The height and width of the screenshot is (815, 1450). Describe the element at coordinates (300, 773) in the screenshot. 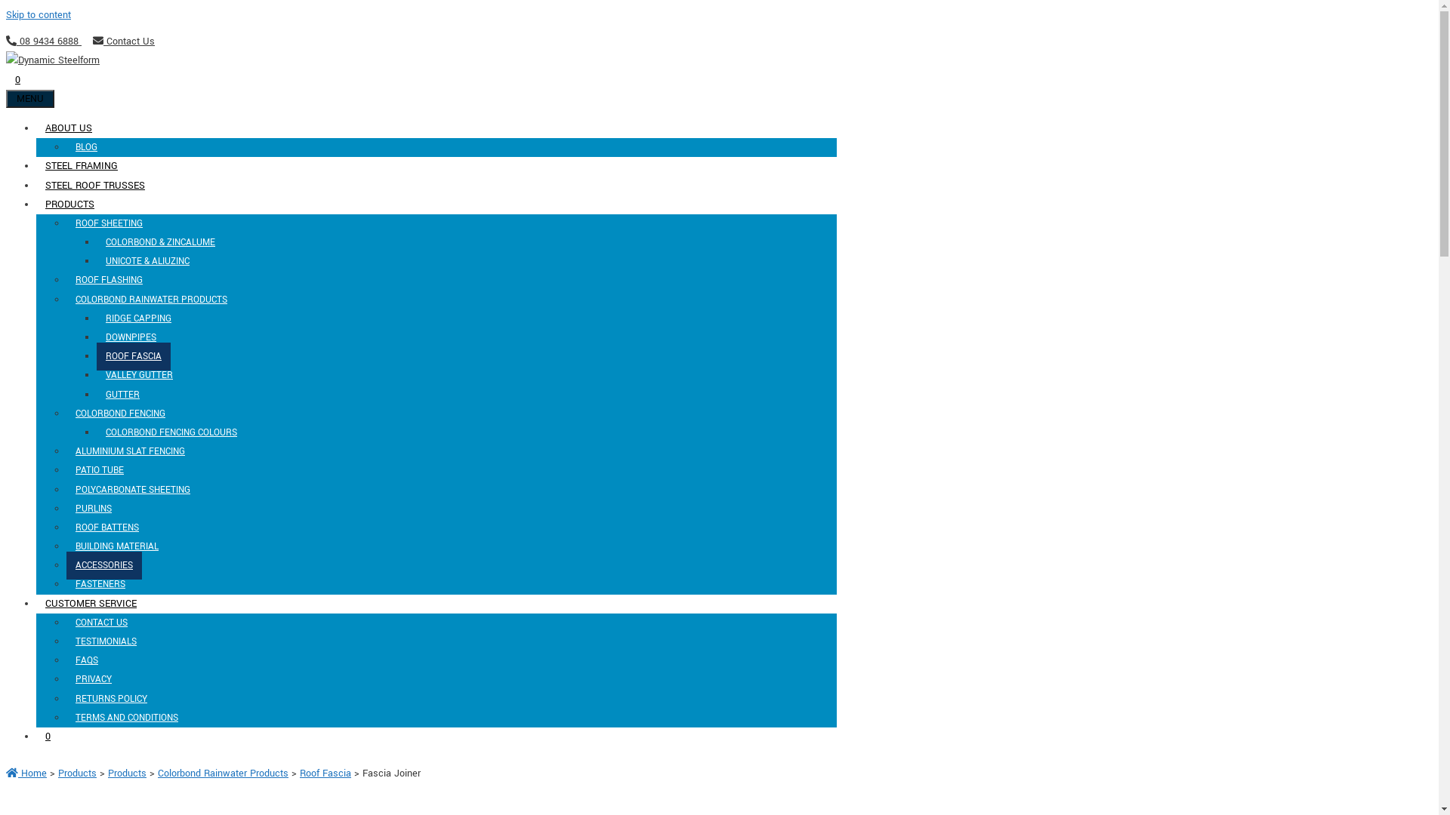

I see `'Roof Fascia'` at that location.